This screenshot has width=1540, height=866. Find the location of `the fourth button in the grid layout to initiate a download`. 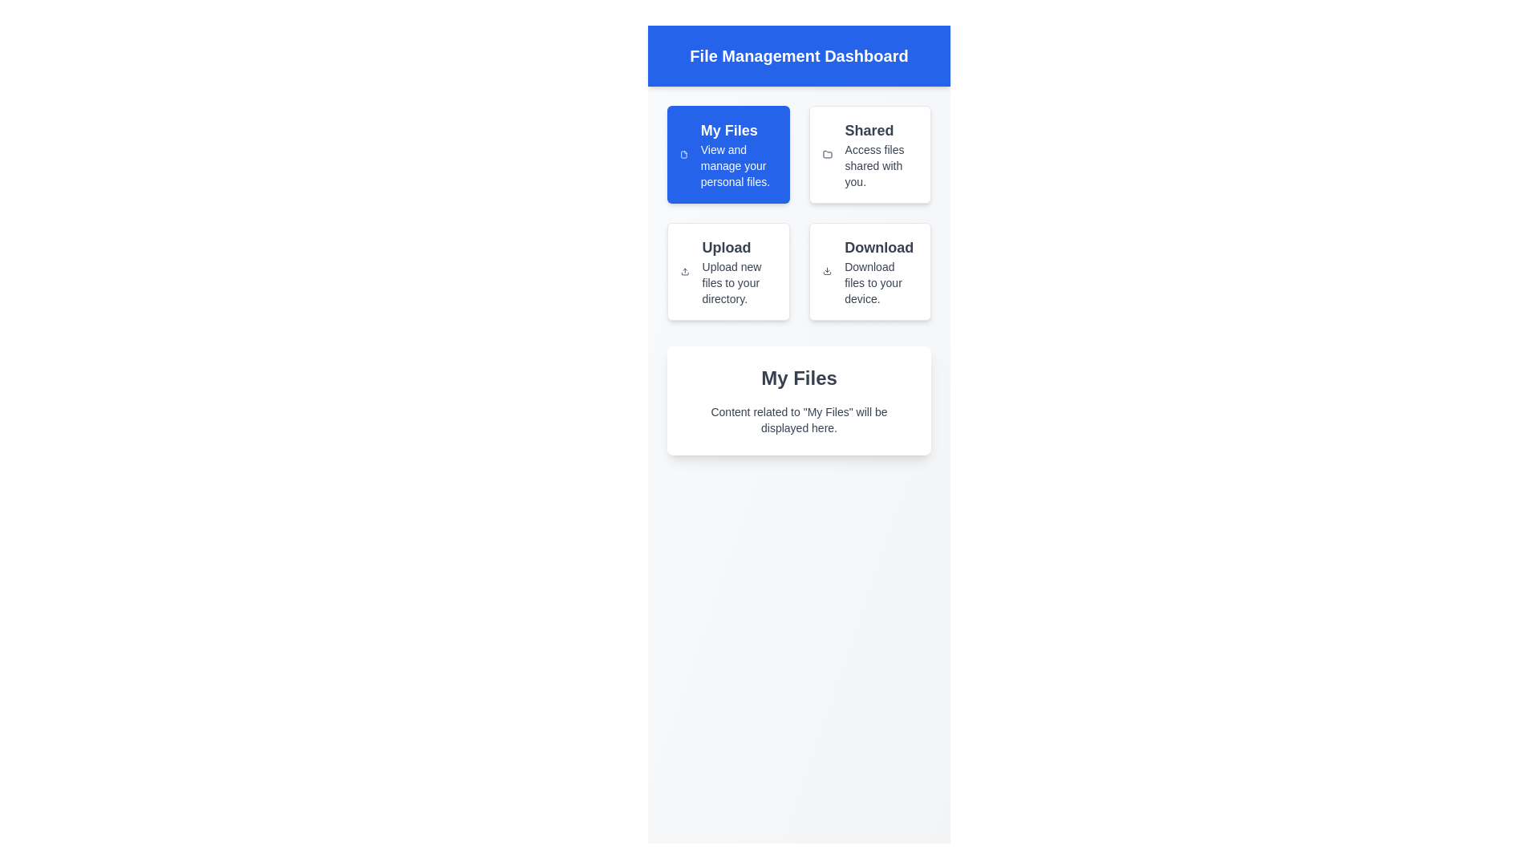

the fourth button in the grid layout to initiate a download is located at coordinates (869, 271).